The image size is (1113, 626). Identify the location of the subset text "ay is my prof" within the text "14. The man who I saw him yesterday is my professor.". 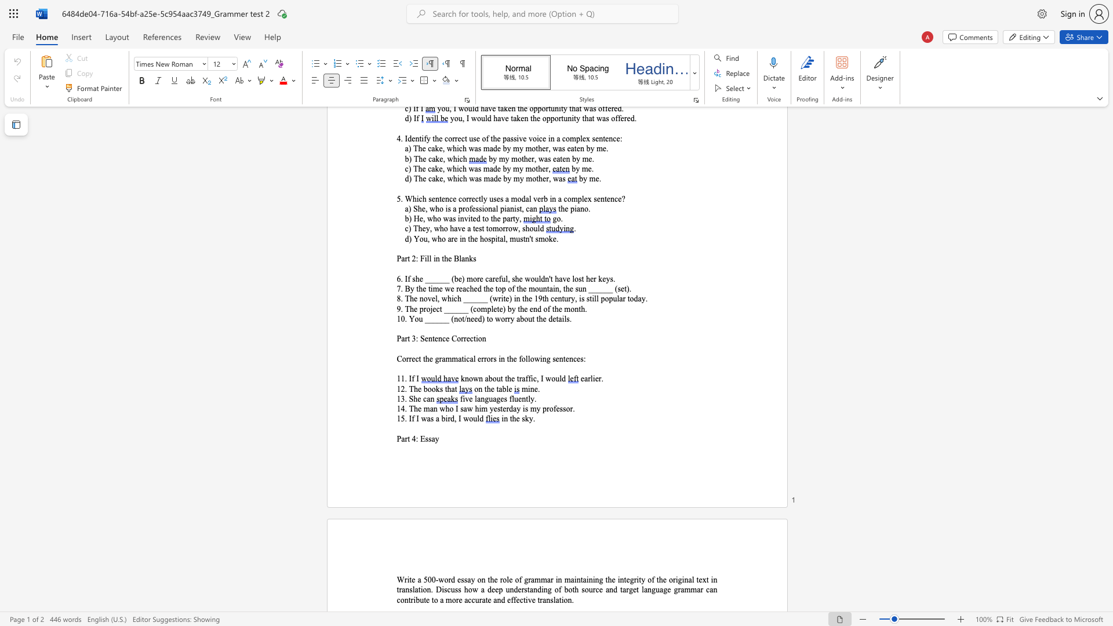
(512, 408).